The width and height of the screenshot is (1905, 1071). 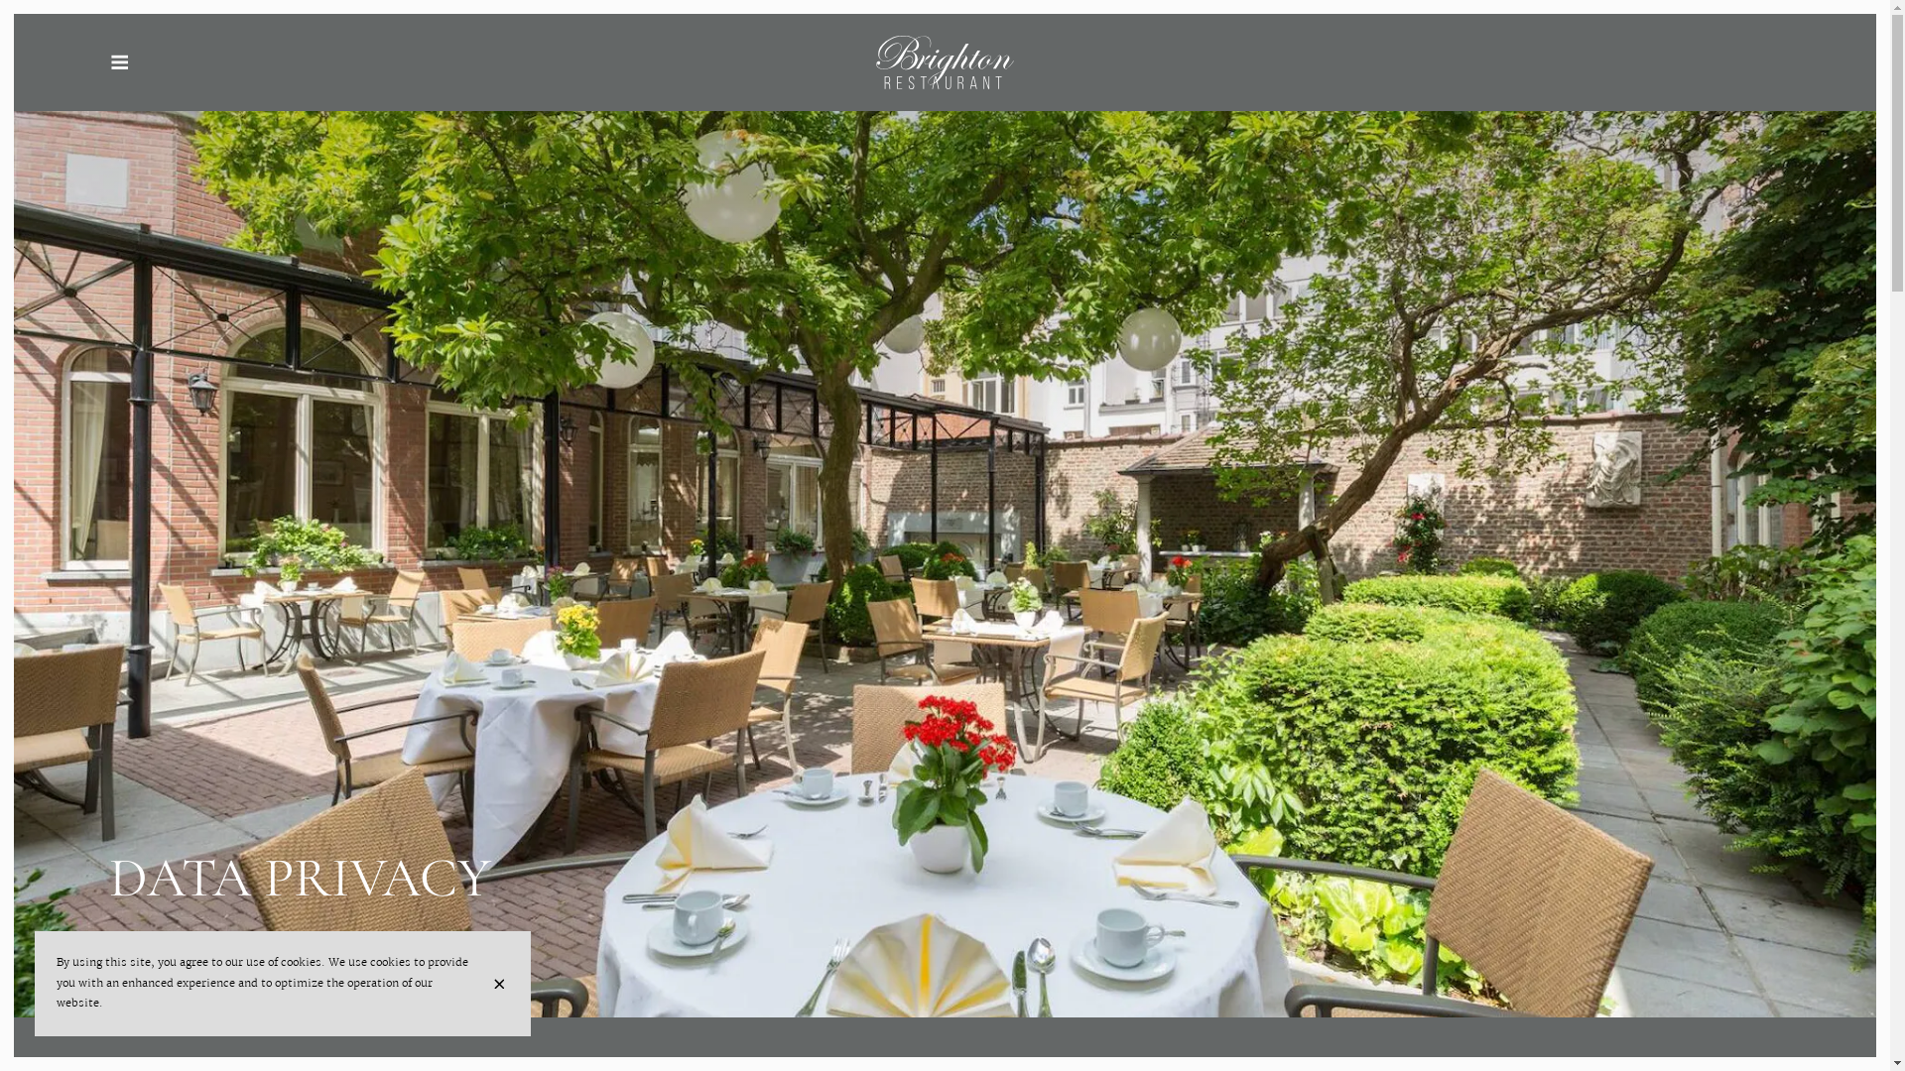 What do you see at coordinates (464, 60) in the screenshot?
I see `'Logo of Brighton Restaurant'` at bounding box center [464, 60].